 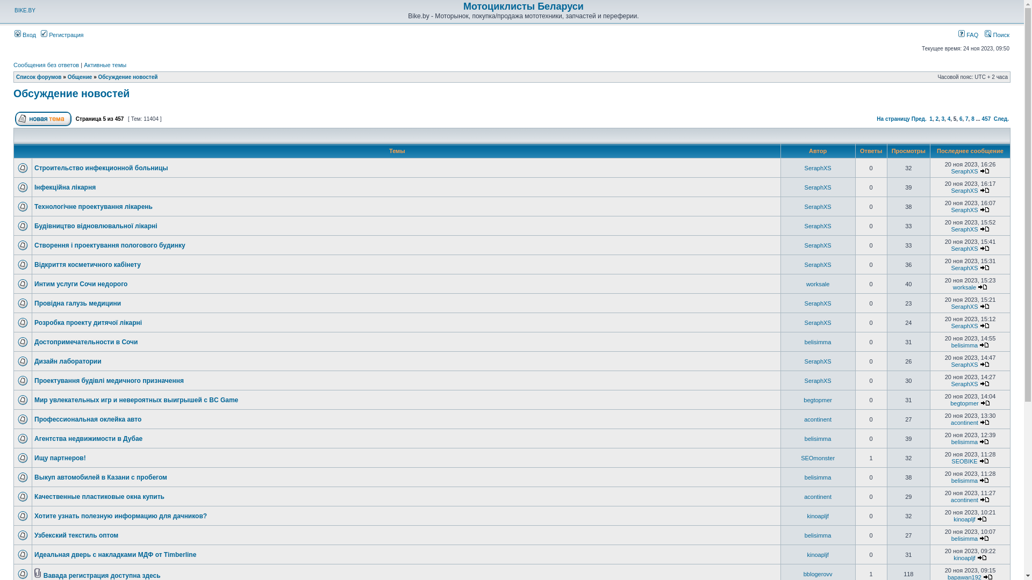 What do you see at coordinates (817, 573) in the screenshot?
I see `'bblogerovv'` at bounding box center [817, 573].